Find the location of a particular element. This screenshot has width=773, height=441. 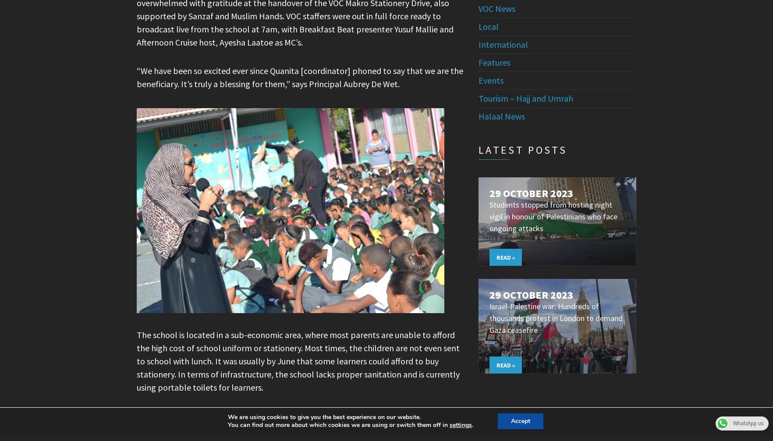

'VOC News' is located at coordinates (478, 8).